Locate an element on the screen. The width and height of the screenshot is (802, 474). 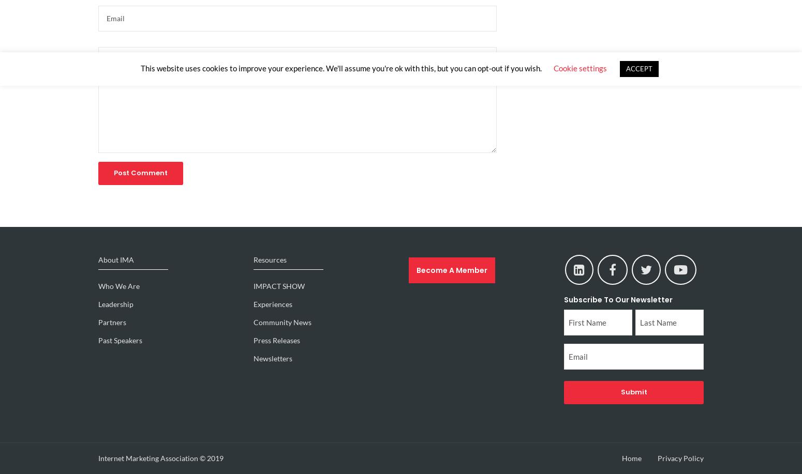
'Home' is located at coordinates (631, 457).